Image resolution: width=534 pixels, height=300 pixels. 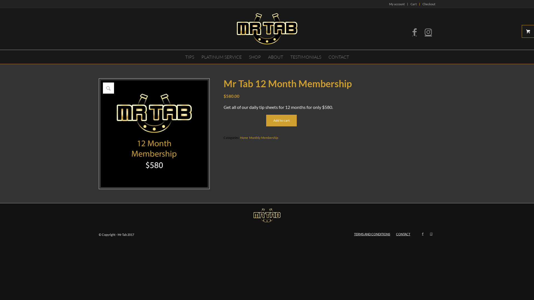 What do you see at coordinates (414, 4) in the screenshot?
I see `'Cart'` at bounding box center [414, 4].